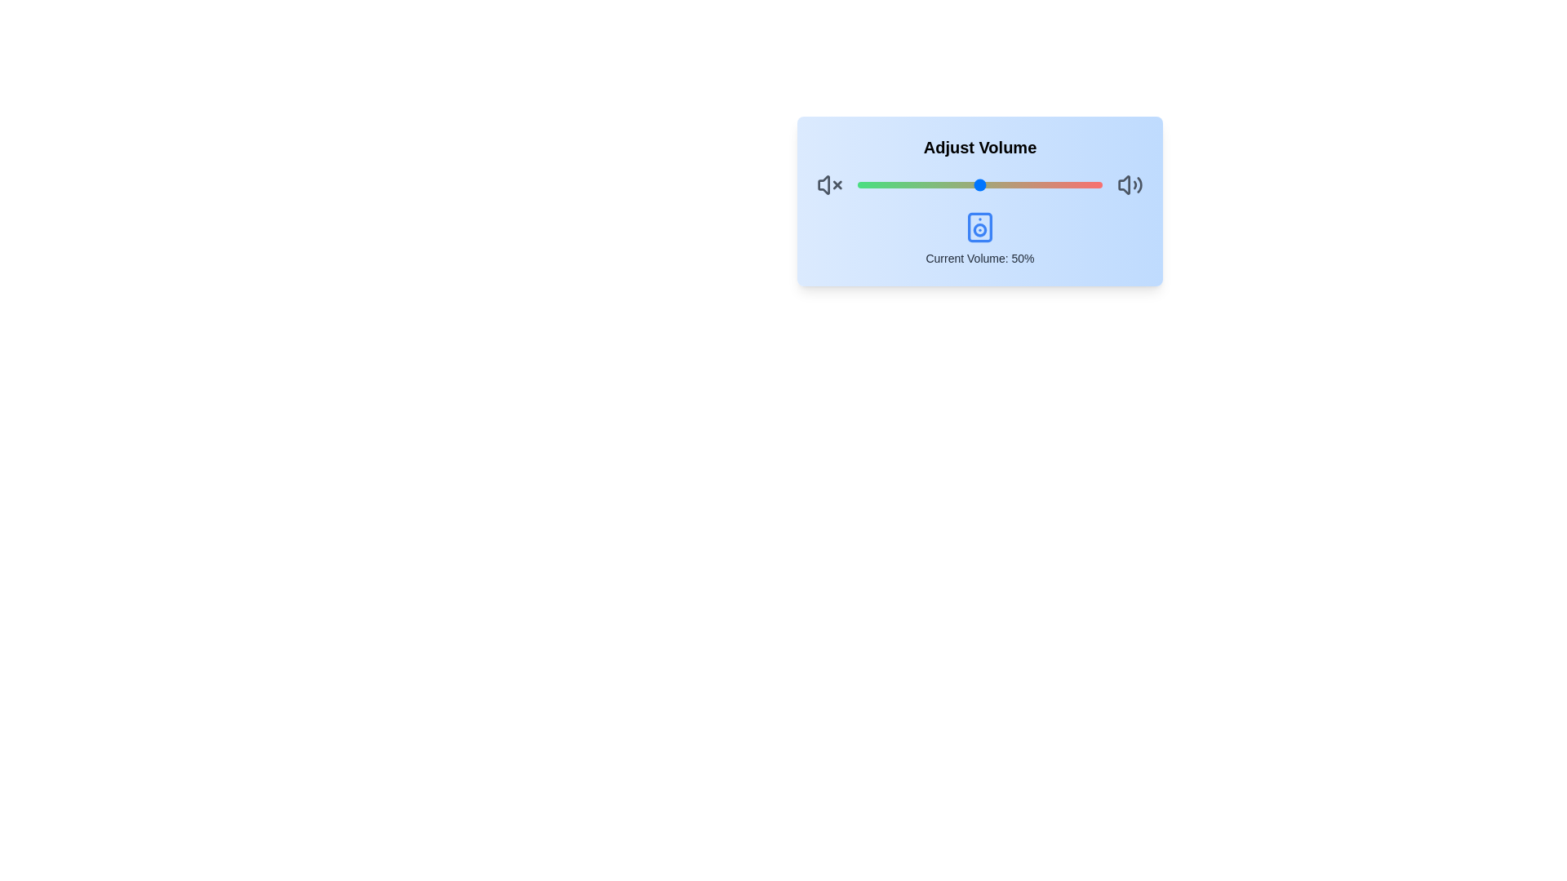  Describe the element at coordinates (1130, 184) in the screenshot. I see `the maximum volume icon` at that location.